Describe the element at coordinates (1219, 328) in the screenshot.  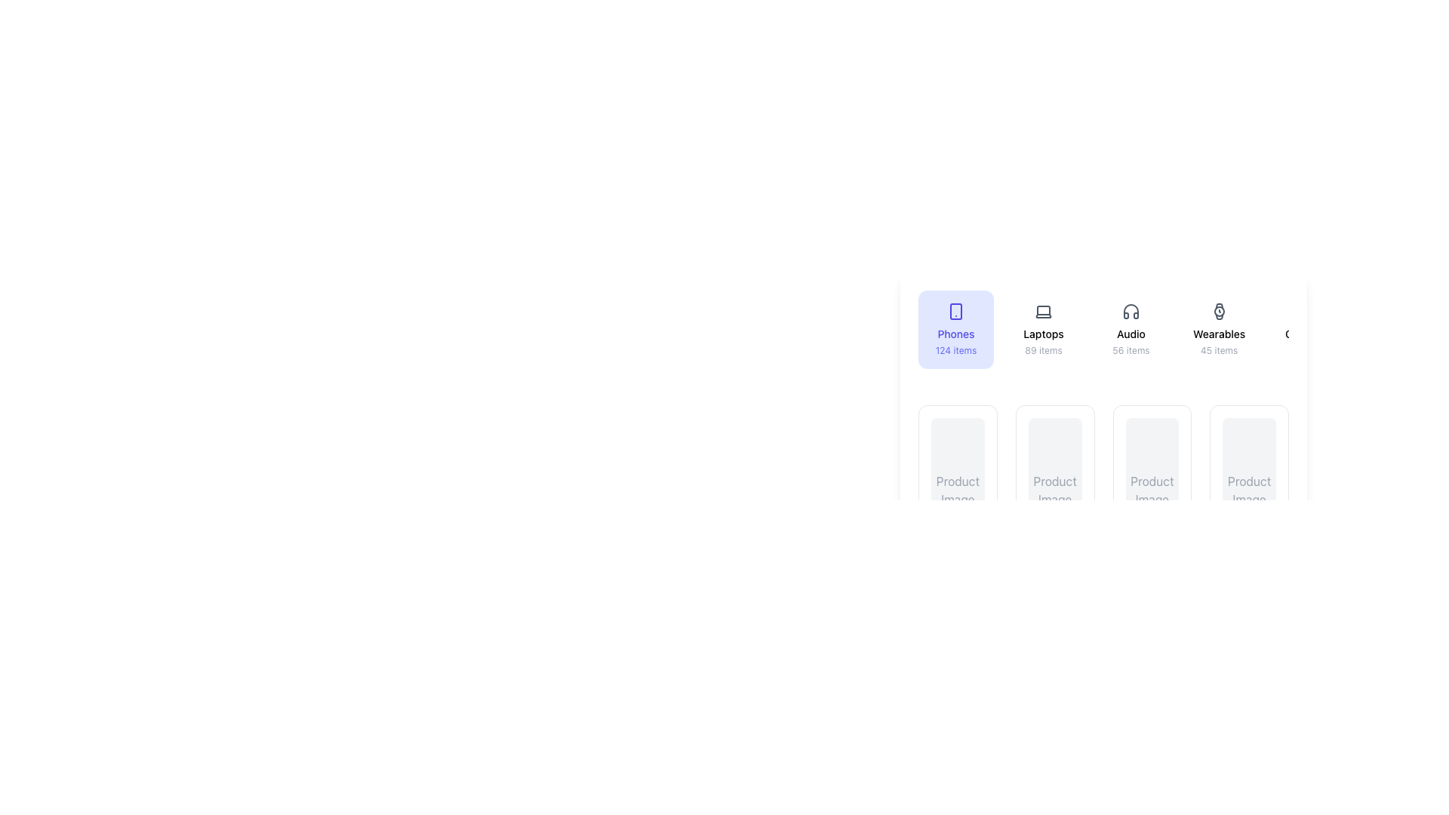
I see `the fourth category card from the left in the horizontal list, which is designated for 'Wearables', to filter or navigate to the 'Wearables' section` at that location.